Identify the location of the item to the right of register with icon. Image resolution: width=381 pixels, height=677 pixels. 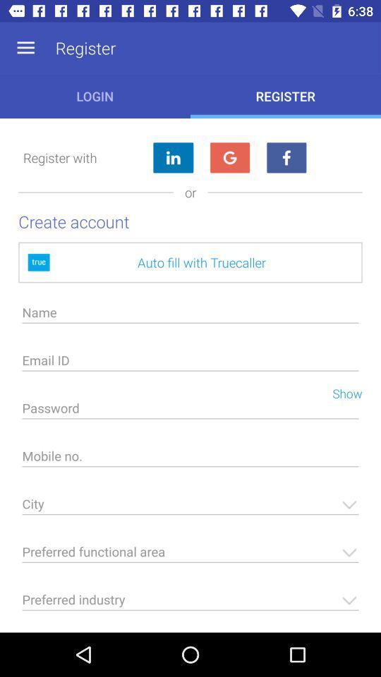
(173, 158).